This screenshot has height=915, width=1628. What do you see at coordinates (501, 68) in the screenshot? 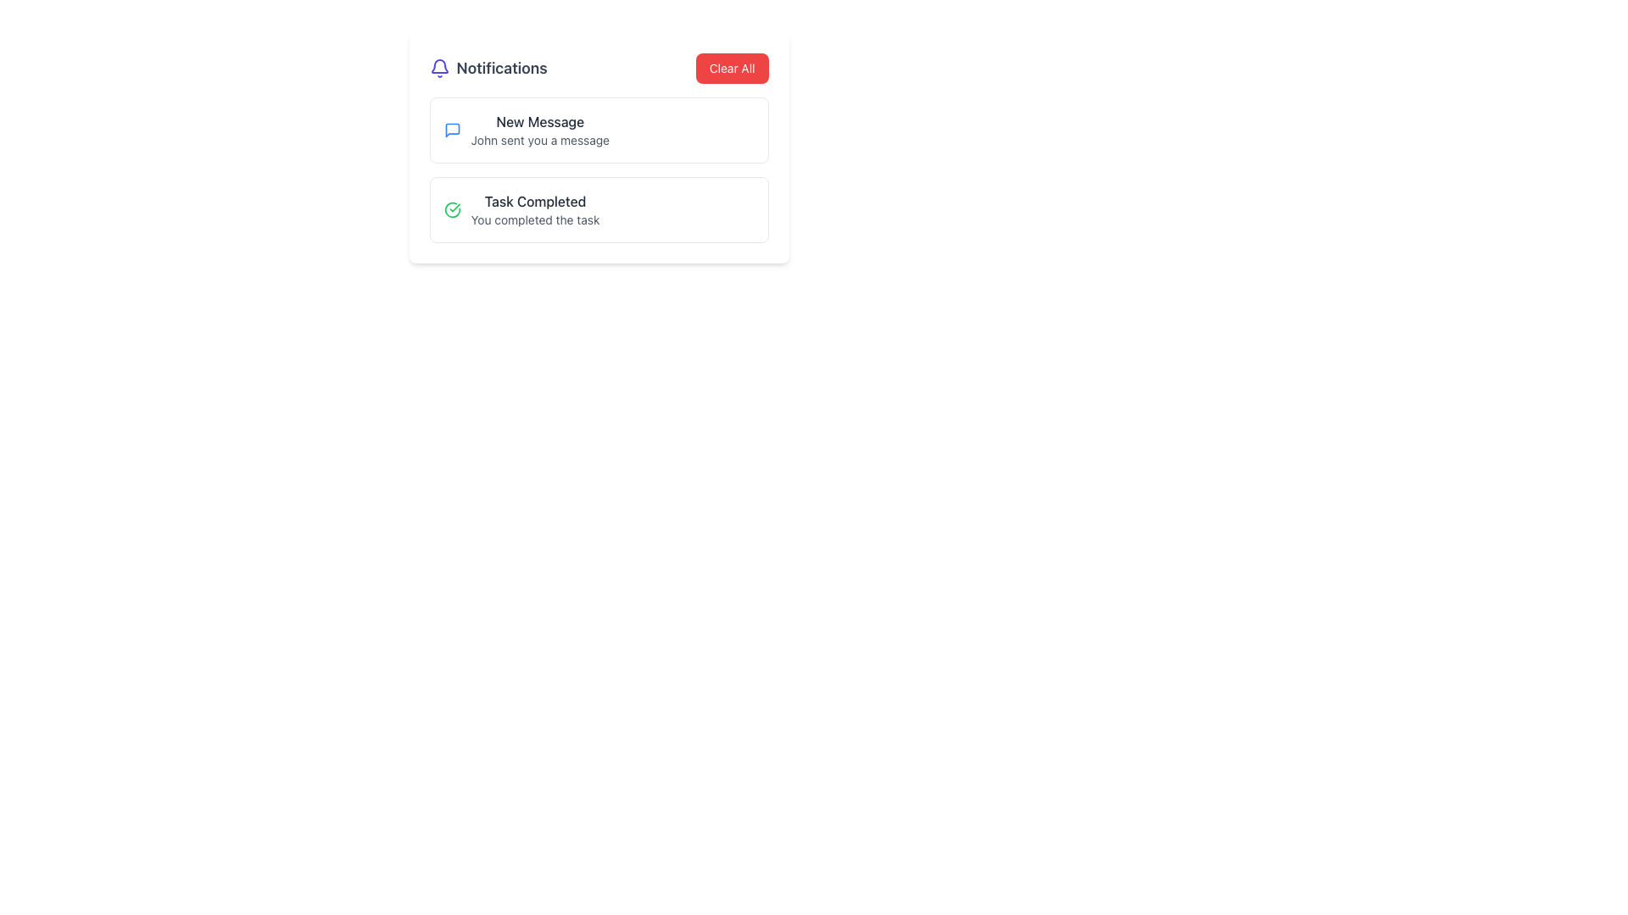
I see `the 'Notifications' text label which is displayed in bold, large dark gray font, positioned to the right of a bell icon` at bounding box center [501, 68].